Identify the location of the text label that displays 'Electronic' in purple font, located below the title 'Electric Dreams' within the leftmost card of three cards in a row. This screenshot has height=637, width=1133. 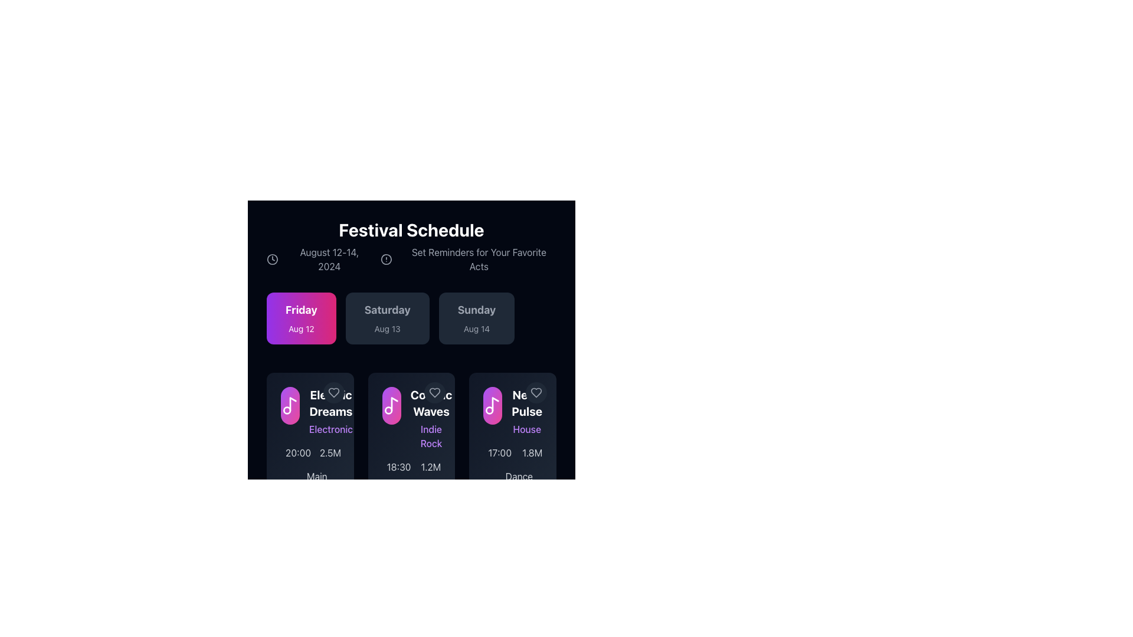
(330, 429).